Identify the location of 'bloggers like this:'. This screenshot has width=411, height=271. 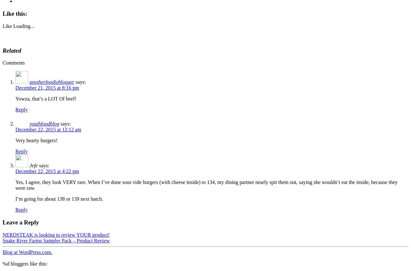
(28, 263).